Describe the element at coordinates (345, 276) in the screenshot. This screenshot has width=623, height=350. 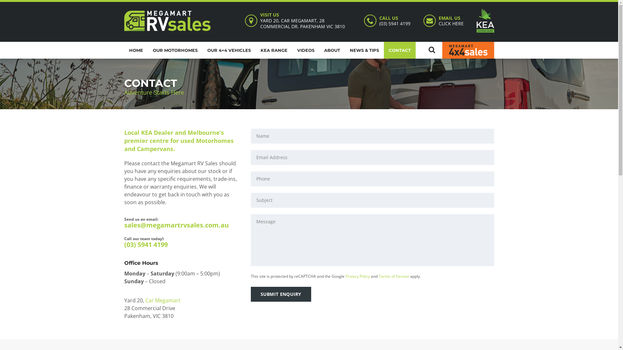
I see `'Privacy Policy'` at that location.